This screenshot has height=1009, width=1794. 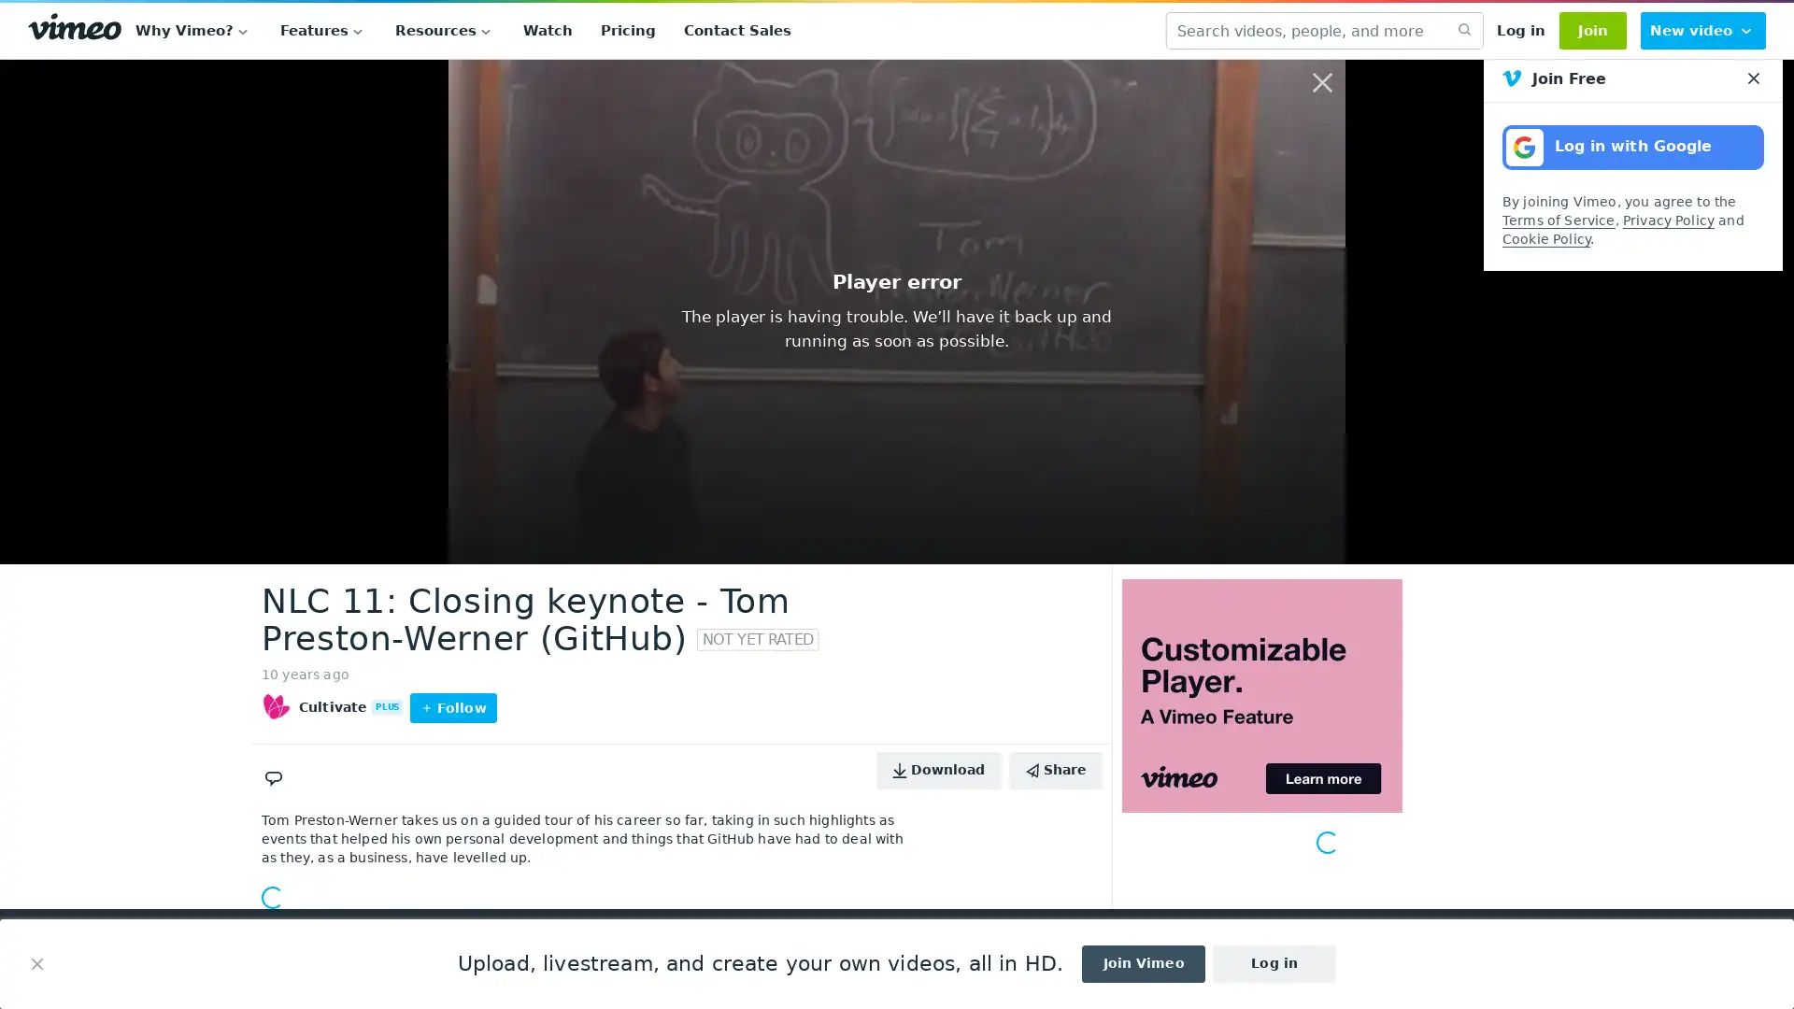 What do you see at coordinates (736, 31) in the screenshot?
I see `Contact Sales` at bounding box center [736, 31].